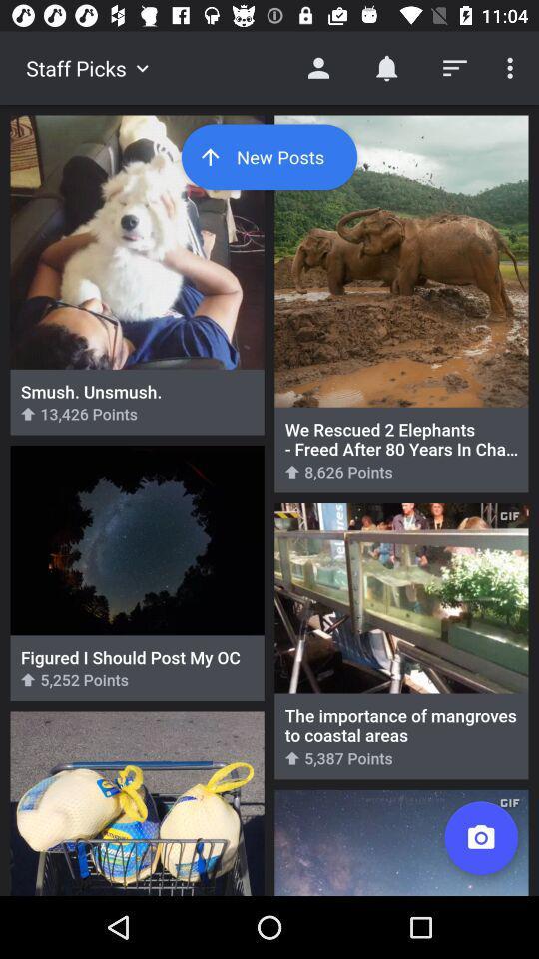 The width and height of the screenshot is (539, 959). What do you see at coordinates (507, 68) in the screenshot?
I see `the more icon` at bounding box center [507, 68].